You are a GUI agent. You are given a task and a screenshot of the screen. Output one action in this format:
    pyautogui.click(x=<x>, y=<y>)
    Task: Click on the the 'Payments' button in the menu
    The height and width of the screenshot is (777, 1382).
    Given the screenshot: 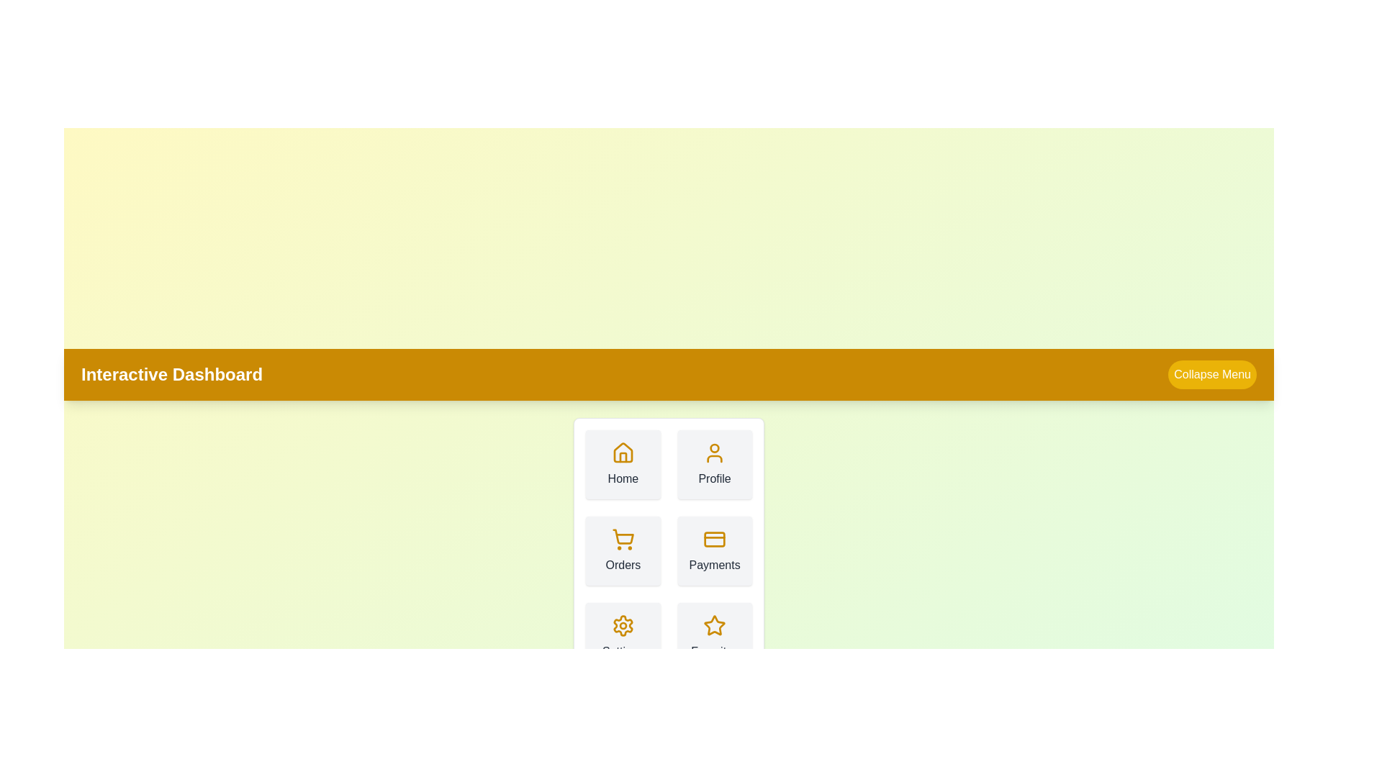 What is the action you would take?
    pyautogui.click(x=715, y=550)
    